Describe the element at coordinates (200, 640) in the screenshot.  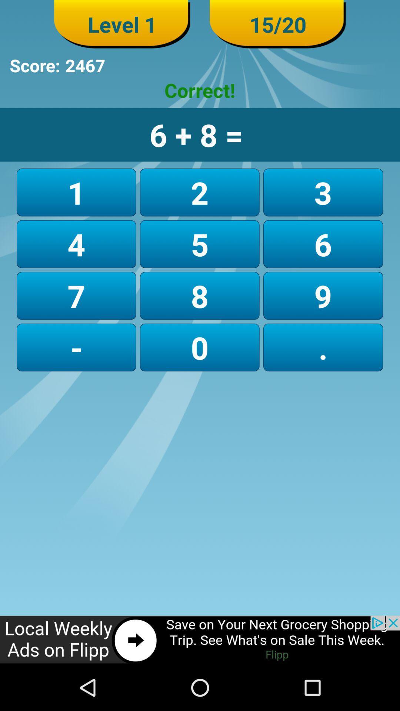
I see `item below - item` at that location.